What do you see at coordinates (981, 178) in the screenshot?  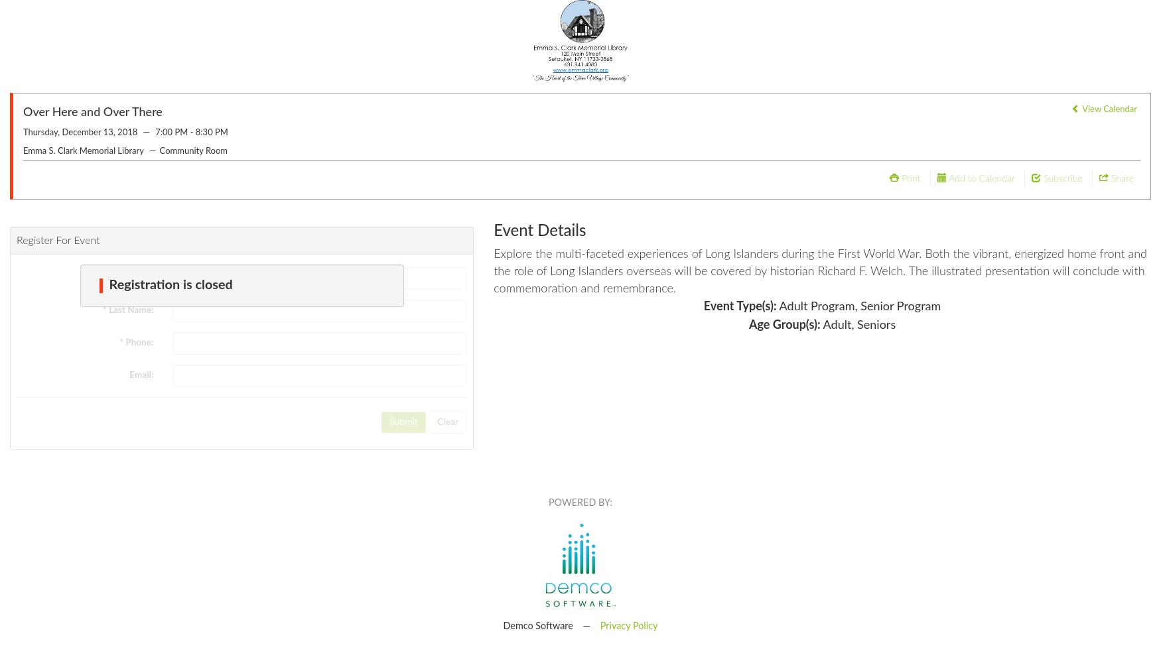 I see `'Add to Calendar'` at bounding box center [981, 178].